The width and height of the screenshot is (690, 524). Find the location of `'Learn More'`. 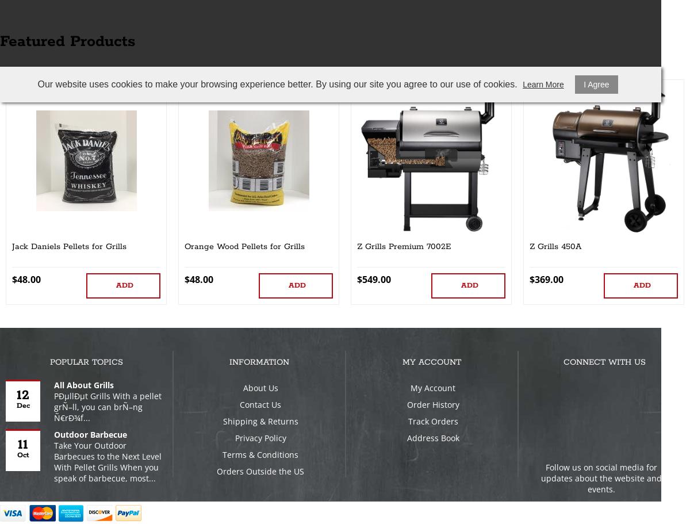

'Learn More' is located at coordinates (543, 85).